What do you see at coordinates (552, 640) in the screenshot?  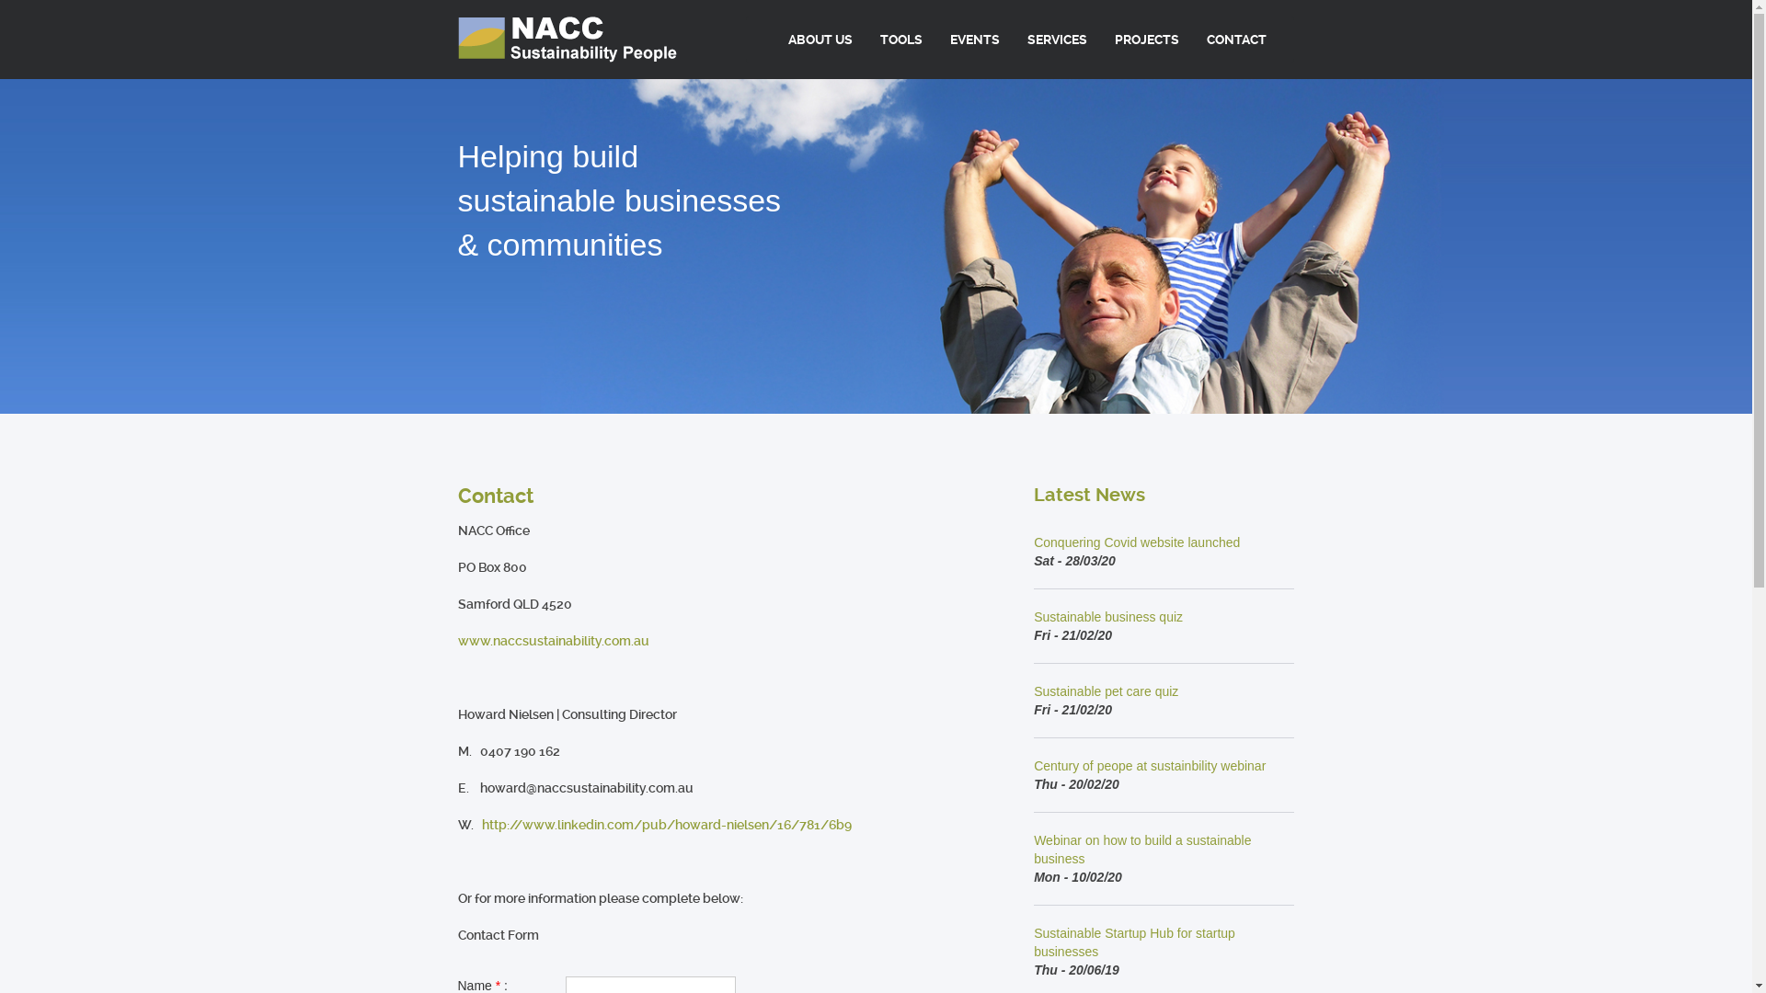 I see `'www.naccsustainability.com.au'` at bounding box center [552, 640].